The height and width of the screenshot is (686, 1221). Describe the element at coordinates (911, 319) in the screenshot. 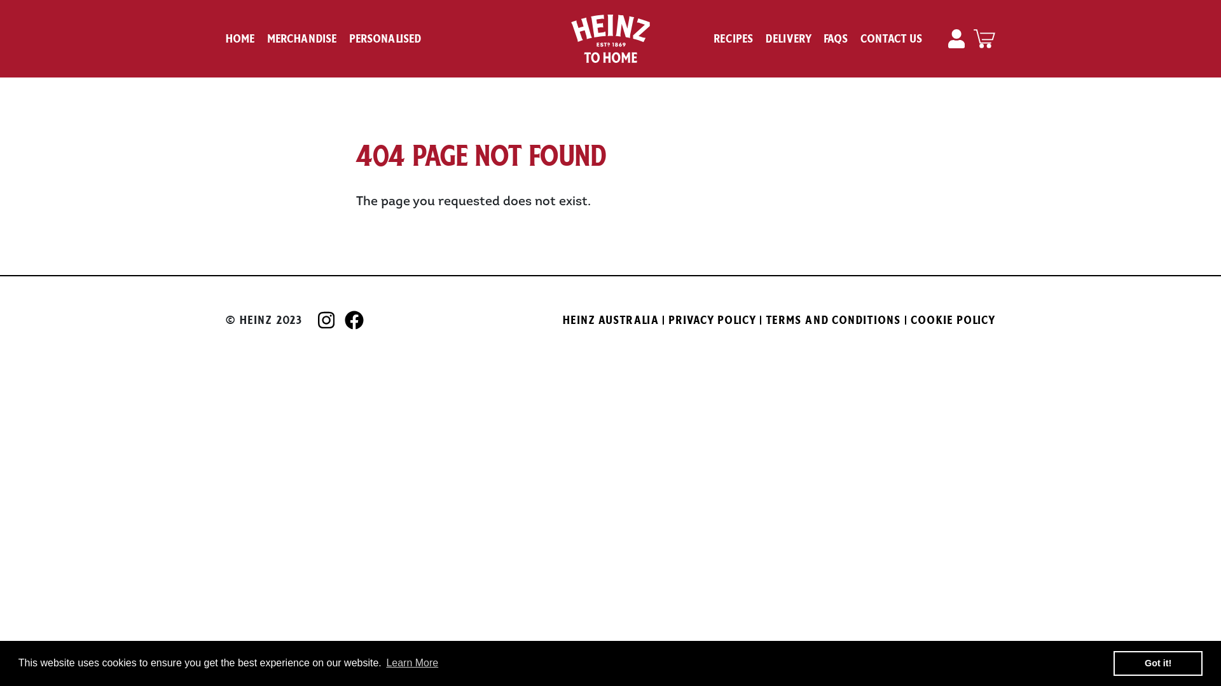

I see `'Cookie Policy'` at that location.